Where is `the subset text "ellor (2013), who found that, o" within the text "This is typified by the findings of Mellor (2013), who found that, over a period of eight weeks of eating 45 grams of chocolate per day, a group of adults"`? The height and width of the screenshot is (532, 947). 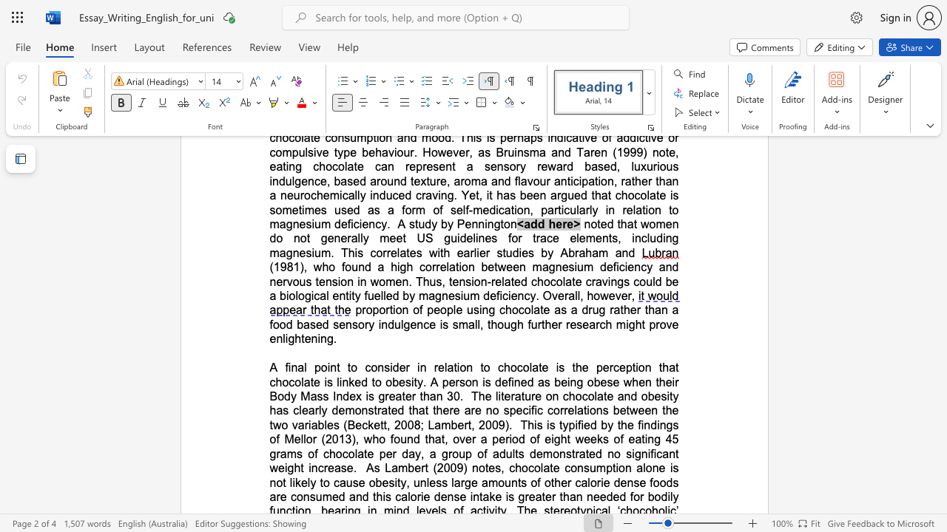
the subset text "ellor (2013), who found that, o" within the text "This is typified by the findings of Mellor (2013), who found that, over a period of eight weeks of eating 45 grams of chocolate per day, a group of adults" is located at coordinates (294, 438).